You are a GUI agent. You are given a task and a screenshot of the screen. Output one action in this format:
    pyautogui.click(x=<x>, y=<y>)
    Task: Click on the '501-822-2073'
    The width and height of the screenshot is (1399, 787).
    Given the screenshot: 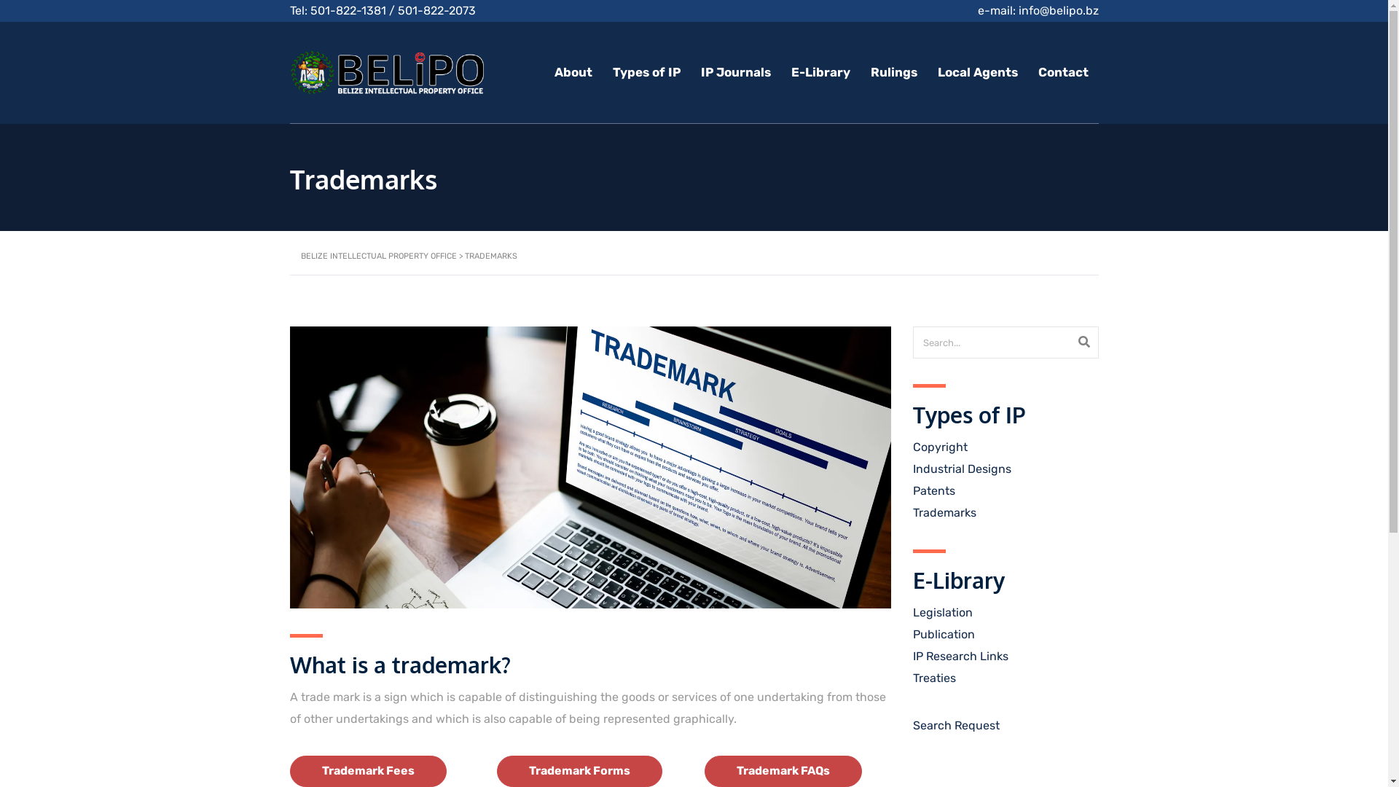 What is the action you would take?
    pyautogui.click(x=436, y=10)
    